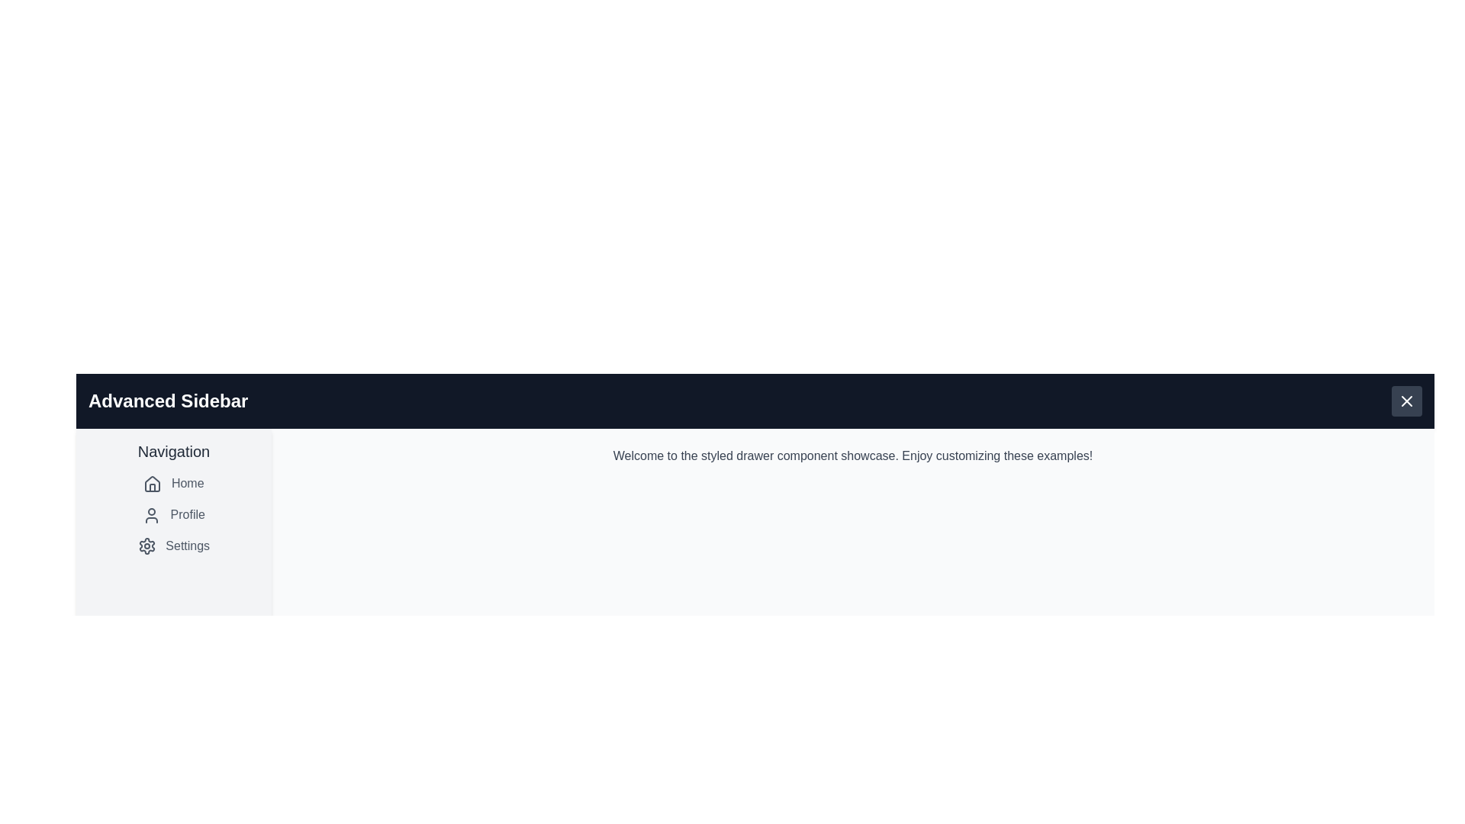  Describe the element at coordinates (152, 515) in the screenshot. I see `the user profile silhouette icon that is located next to the 'Profile' text label in the 'Navigation' section of the sidebar` at that location.